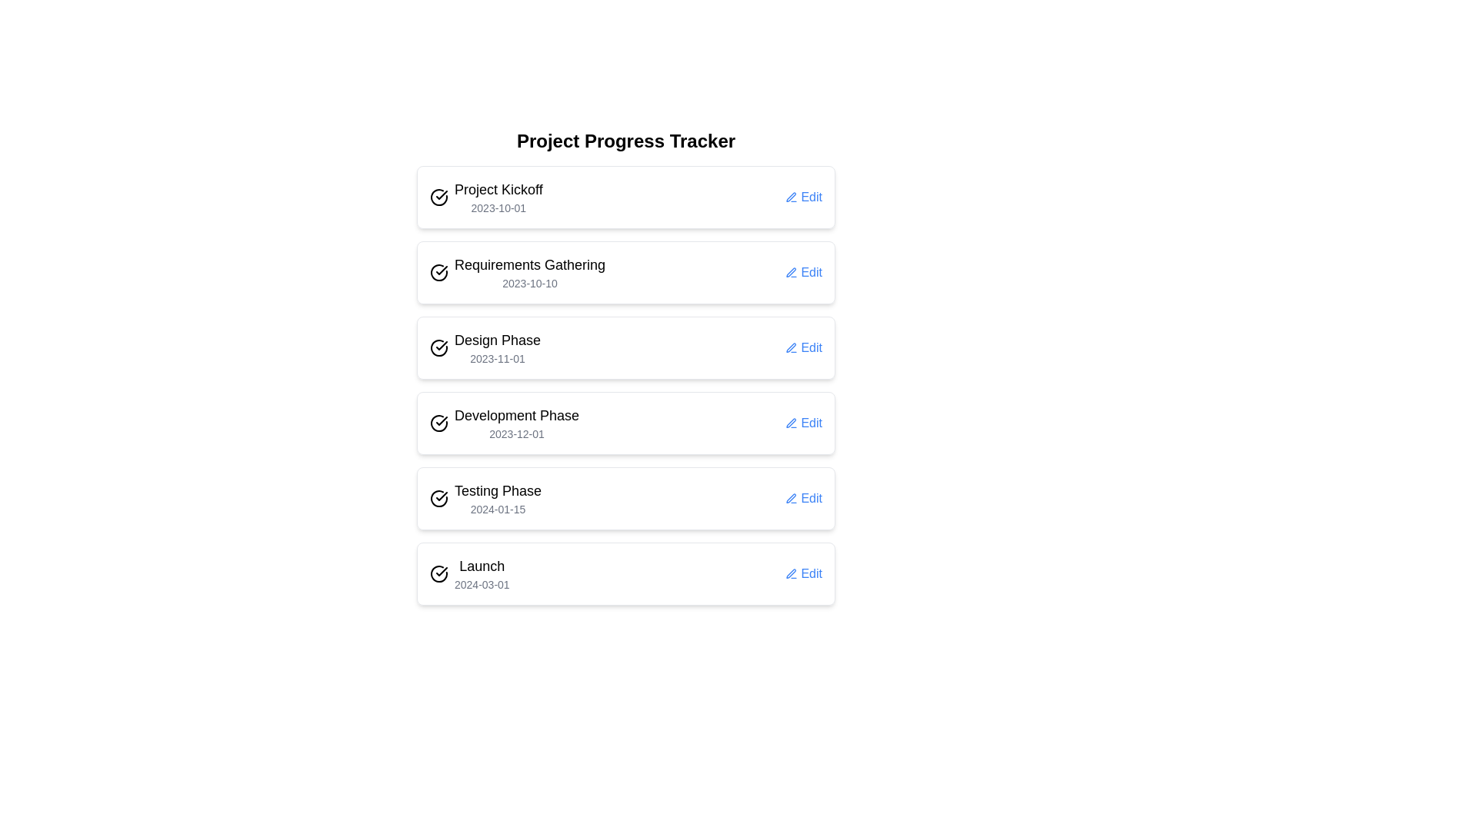 The image size is (1477, 830). I want to click on the 'Launch' phase text label located at the bottom of the list, which follows the 'Testing Phase 2024-01-15' label and is paired with an edit button, so click(481, 574).